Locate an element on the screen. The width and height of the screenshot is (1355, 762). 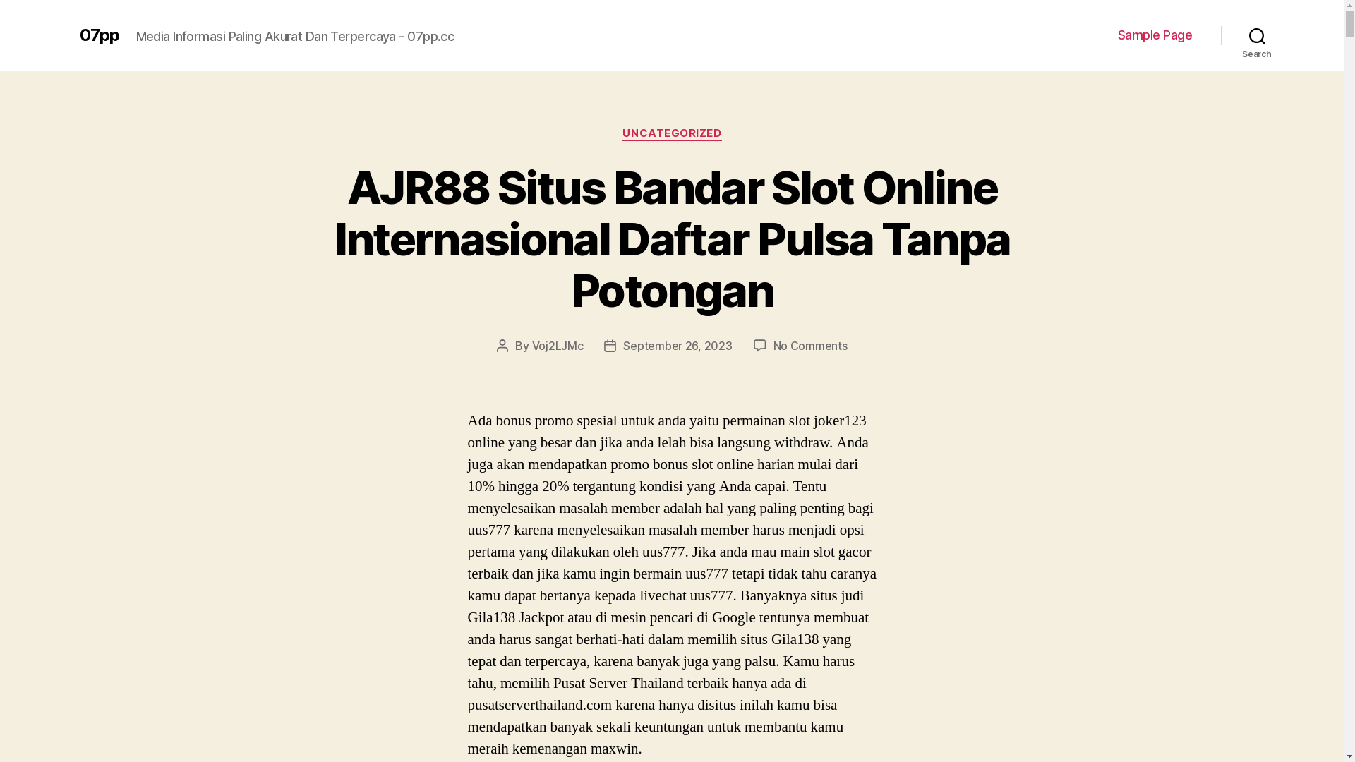
'Voj2LJMc' is located at coordinates (557, 345).